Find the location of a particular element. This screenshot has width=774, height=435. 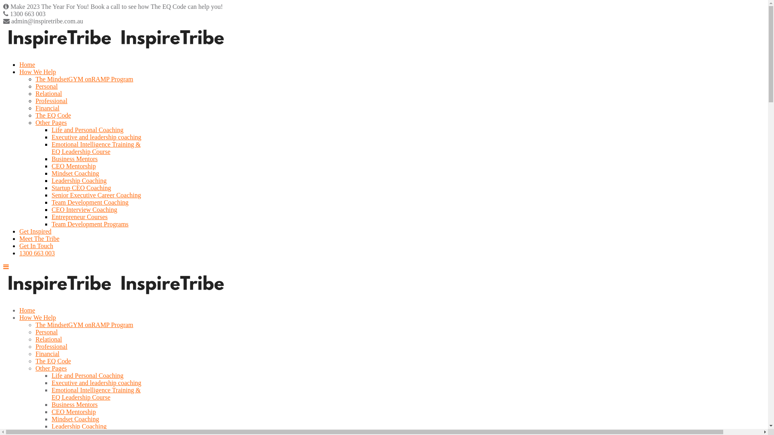

'Emotional Intelligence Training & is located at coordinates (96, 148).